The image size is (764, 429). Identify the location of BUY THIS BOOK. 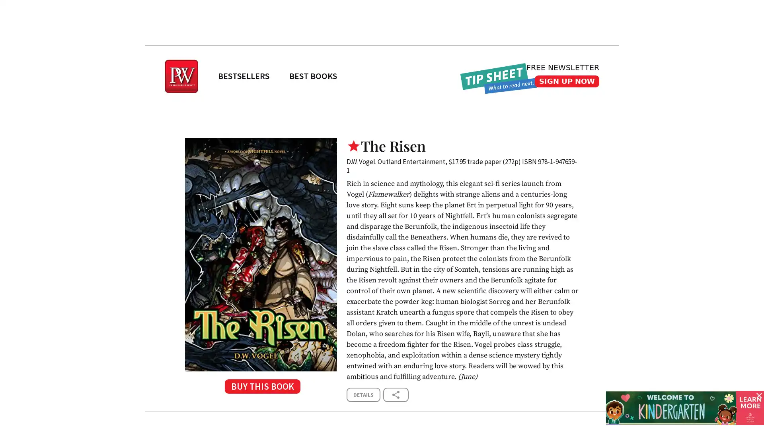
(261, 388).